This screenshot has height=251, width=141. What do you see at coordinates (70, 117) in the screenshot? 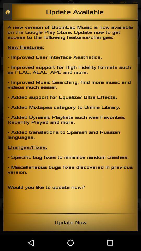
I see `the item at the center` at bounding box center [70, 117].